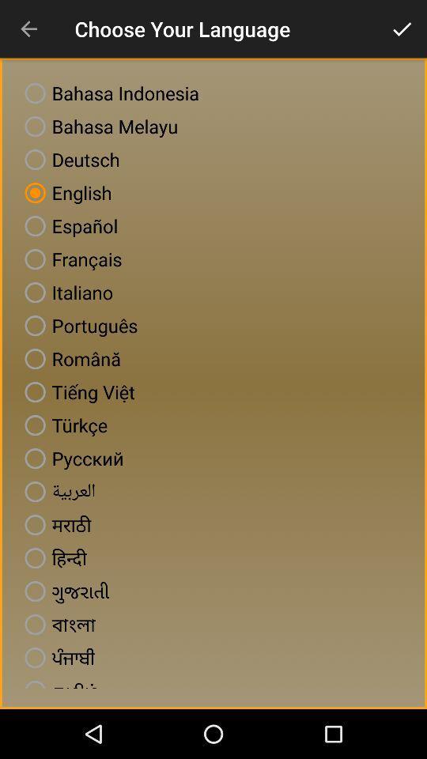 This screenshot has width=427, height=759. What do you see at coordinates (65, 292) in the screenshot?
I see `the italiano icon` at bounding box center [65, 292].